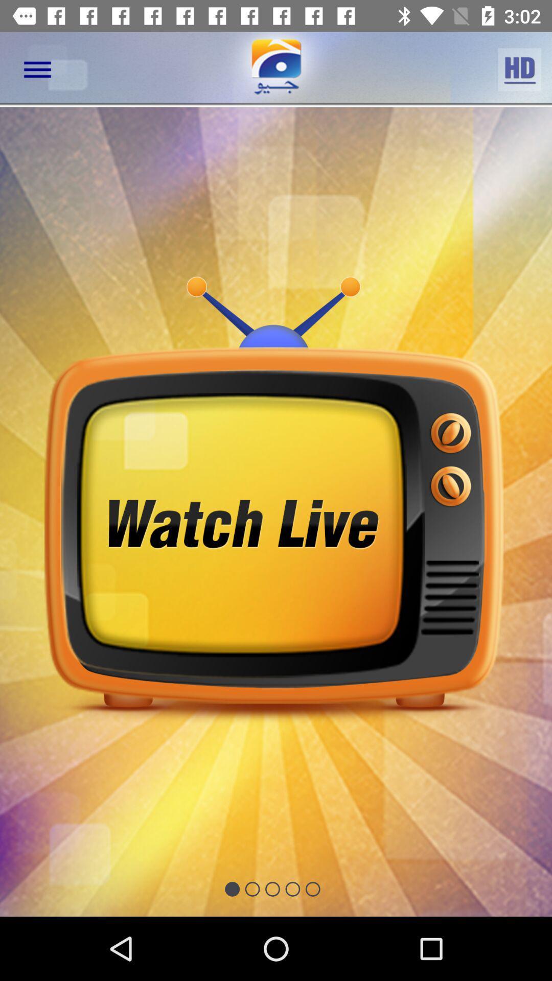  What do you see at coordinates (276, 512) in the screenshot?
I see `turn on tv` at bounding box center [276, 512].